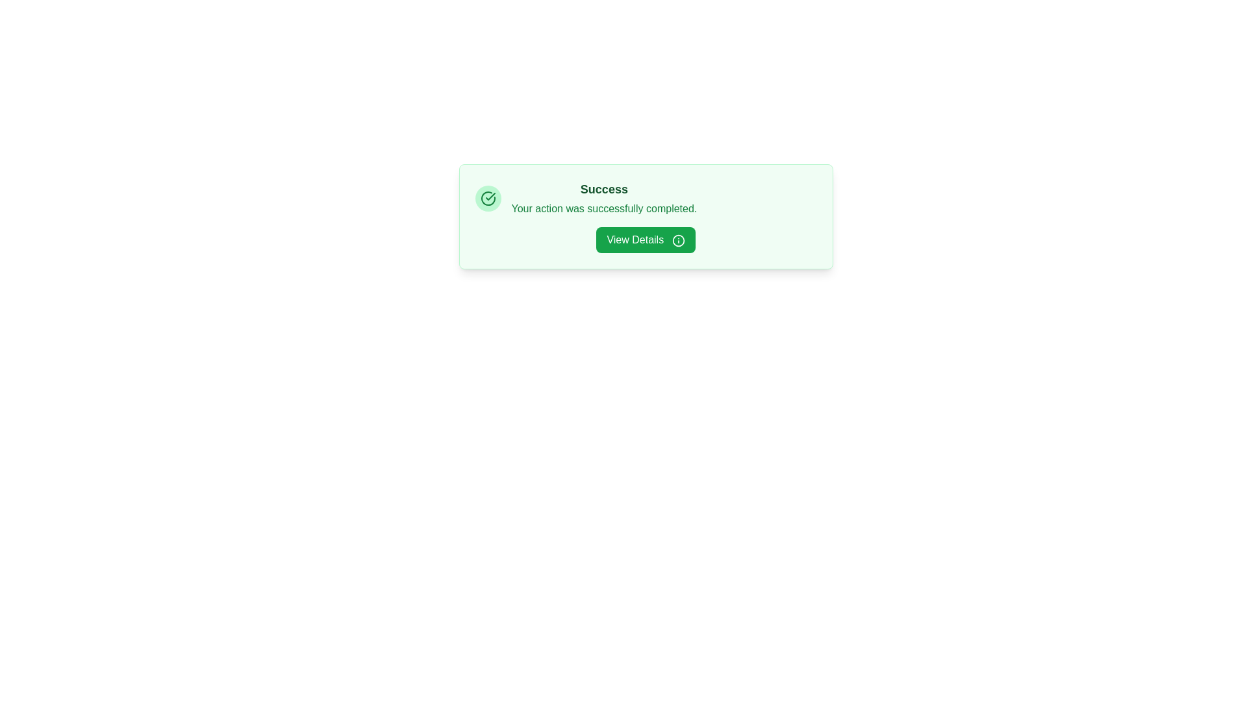  What do you see at coordinates (487, 198) in the screenshot?
I see `the icon to trigger visual feedback` at bounding box center [487, 198].